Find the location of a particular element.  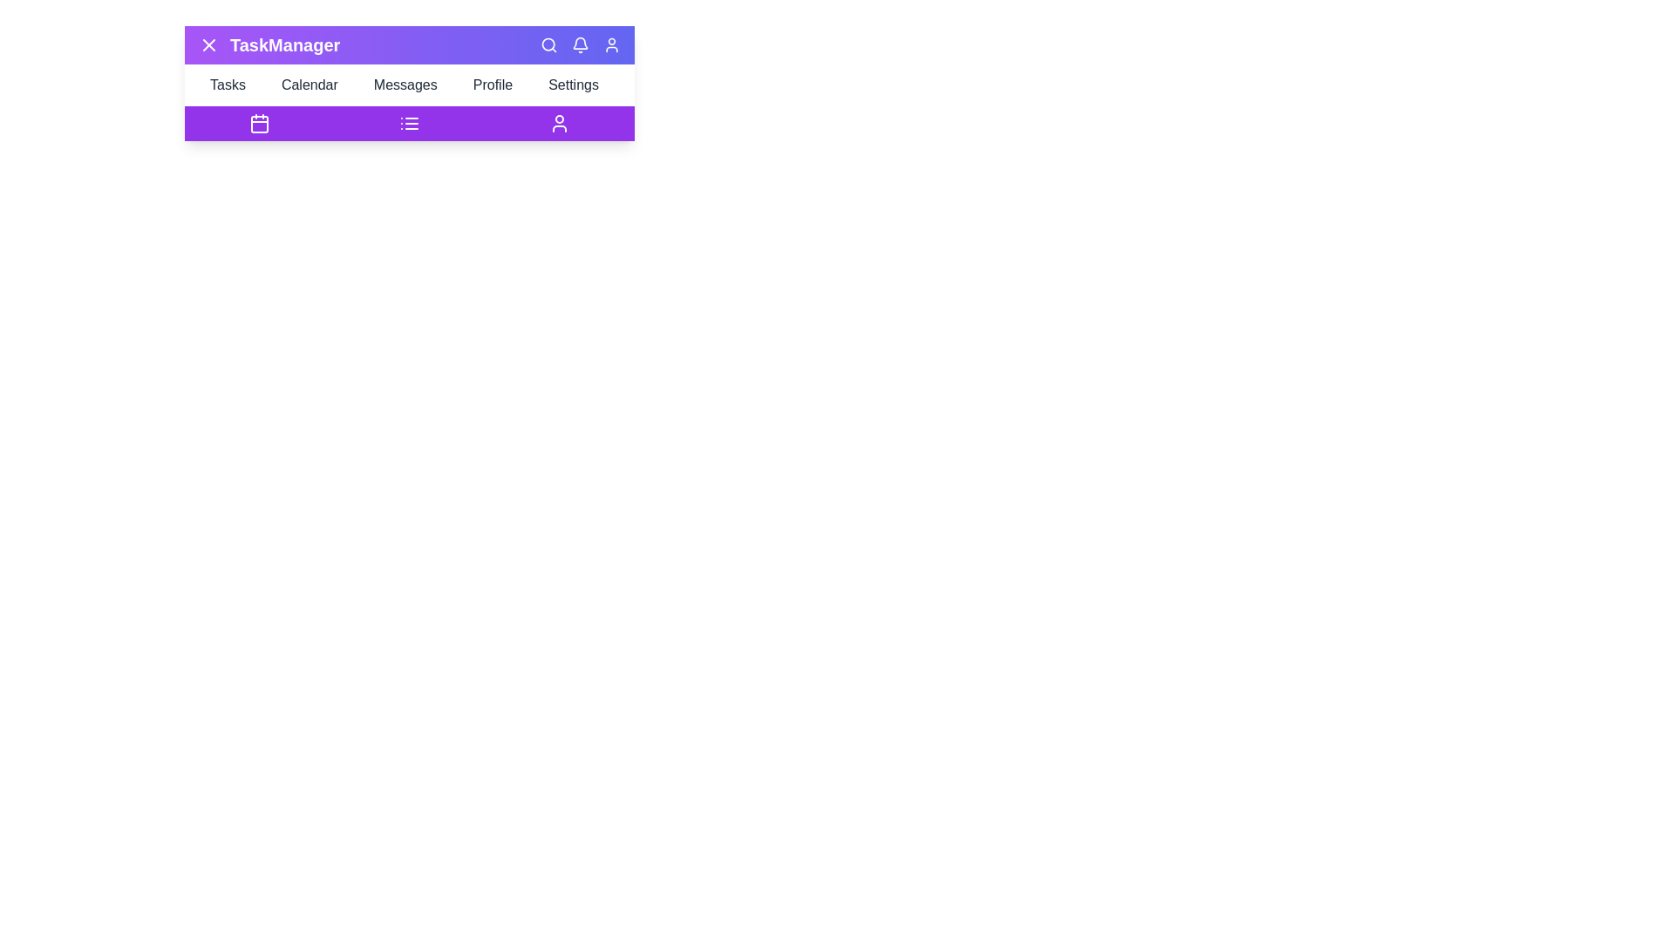

the Calendar from the navigation bar is located at coordinates (314, 85).